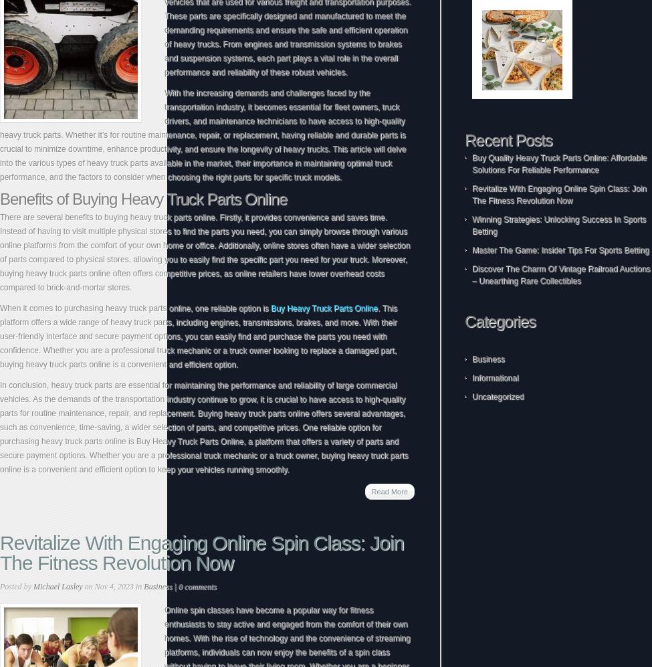 The width and height of the screenshot is (652, 667). Describe the element at coordinates (508, 139) in the screenshot. I see `'Recent Posts'` at that location.